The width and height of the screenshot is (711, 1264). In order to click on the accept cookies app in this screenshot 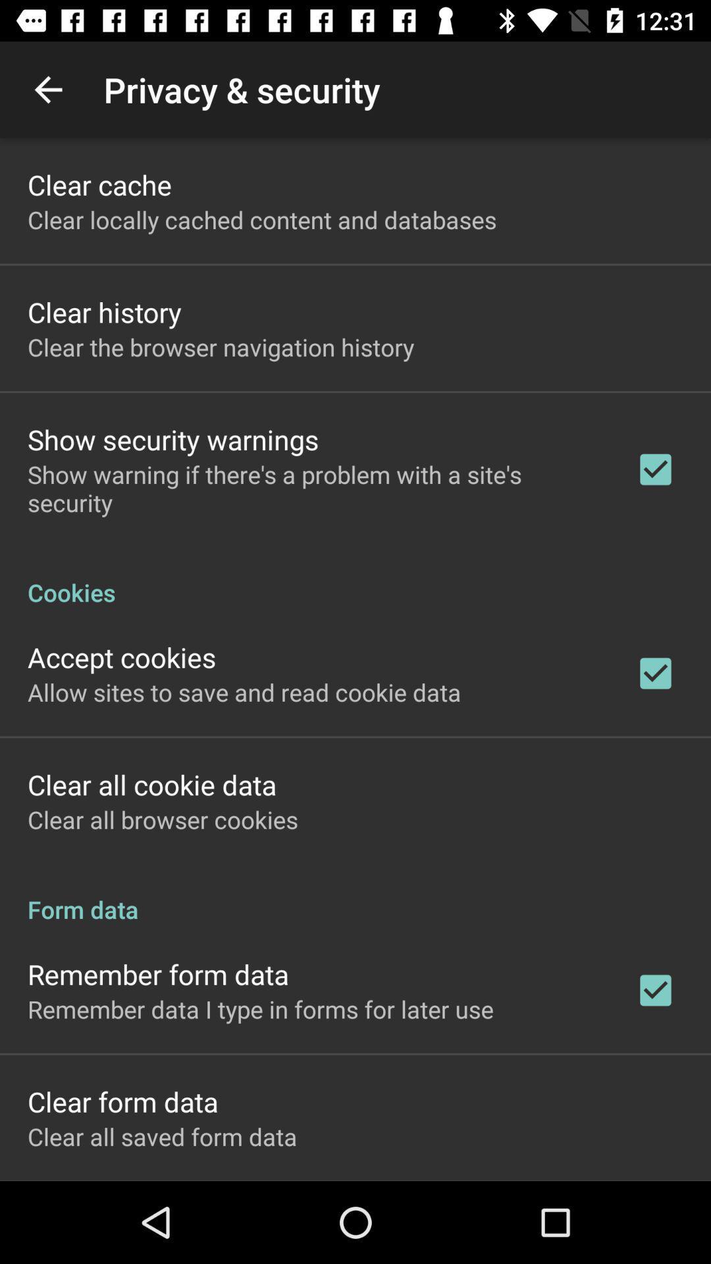, I will do `click(122, 657)`.